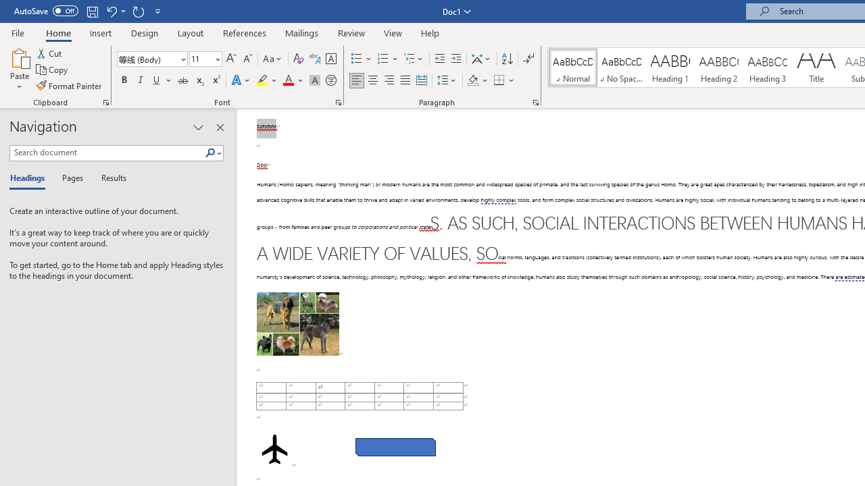 The image size is (865, 486). I want to click on 'Search', so click(212, 153).